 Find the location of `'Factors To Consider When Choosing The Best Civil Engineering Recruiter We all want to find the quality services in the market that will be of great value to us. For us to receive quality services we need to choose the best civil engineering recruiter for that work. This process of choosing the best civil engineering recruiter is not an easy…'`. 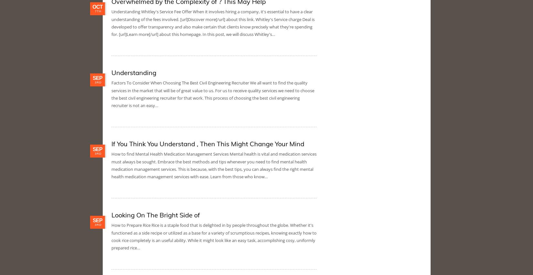

'Factors To Consider When Choosing The Best Civil Engineering Recruiter We all want to find the quality services in the market that will be of great value to us. For us to receive quality services we need to choose the best civil engineering recruiter for that work. This process of choosing the best civil engineering recruiter is not an easy…' is located at coordinates (213, 94).